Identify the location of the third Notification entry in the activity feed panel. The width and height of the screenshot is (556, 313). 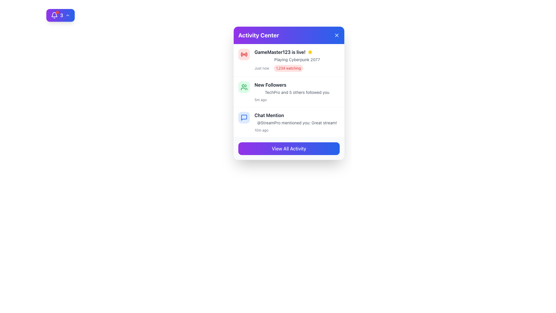
(289, 122).